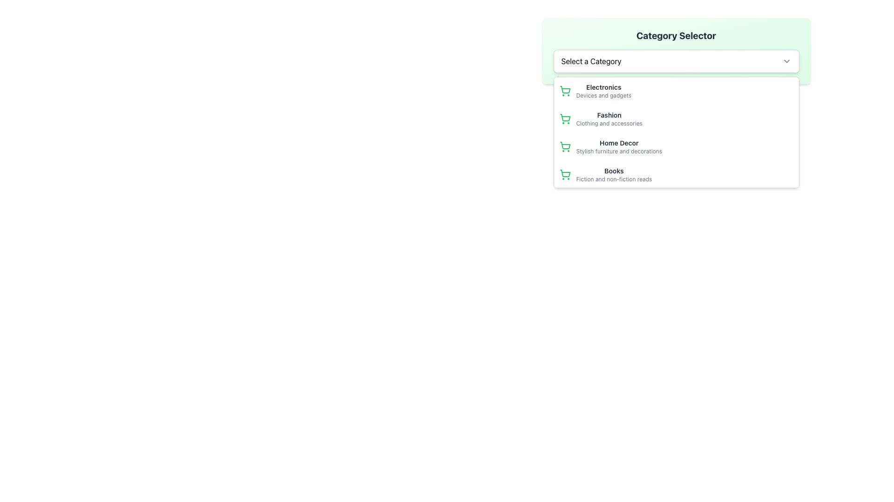  I want to click on text label identifying the 'Electronics' category in the dropdown menu titled 'Category Selector', which is positioned above the 'Devices and gadgets' text element, so click(603, 87).